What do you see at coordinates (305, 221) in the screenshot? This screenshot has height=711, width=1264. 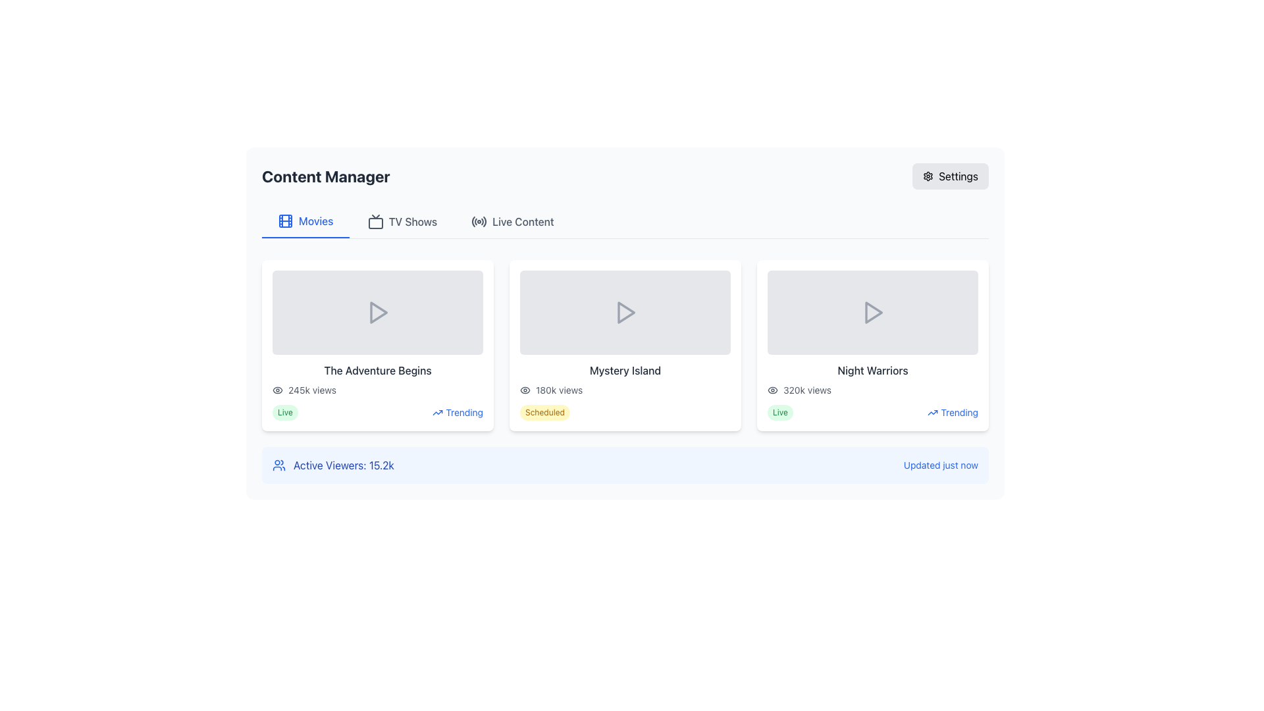 I see `the 'Movies' button, which is a horizontally aligned button with an icon resembling a film reel, located directly below the 'Content Manager' heading in the navigation menu` at bounding box center [305, 221].